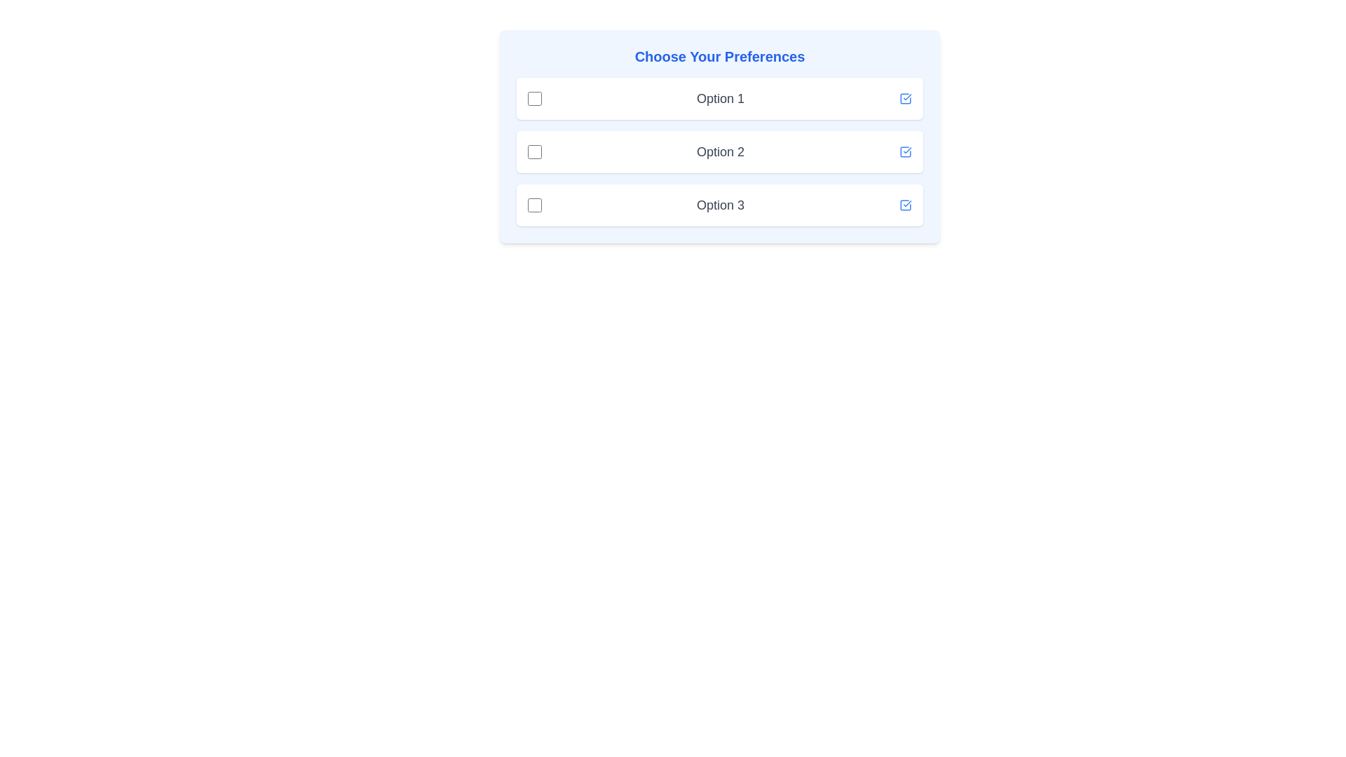 This screenshot has height=757, width=1346. What do you see at coordinates (905, 205) in the screenshot?
I see `the icon button next to Option 3 for additional actions` at bounding box center [905, 205].